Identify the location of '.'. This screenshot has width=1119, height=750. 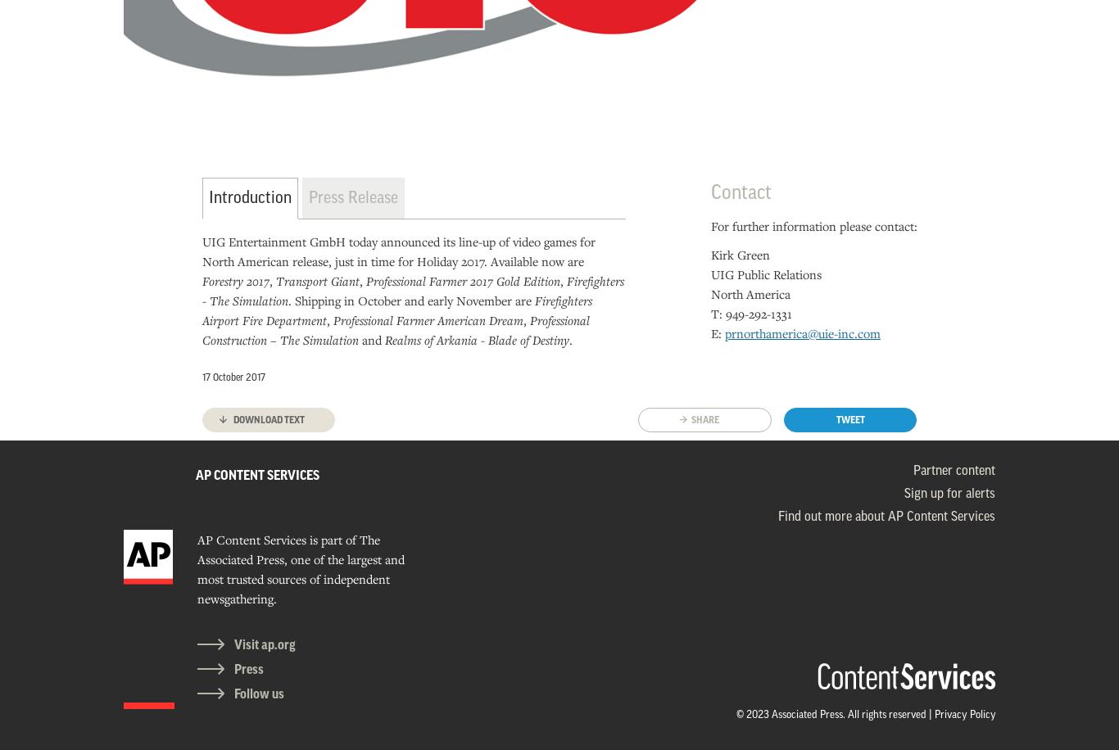
(569, 338).